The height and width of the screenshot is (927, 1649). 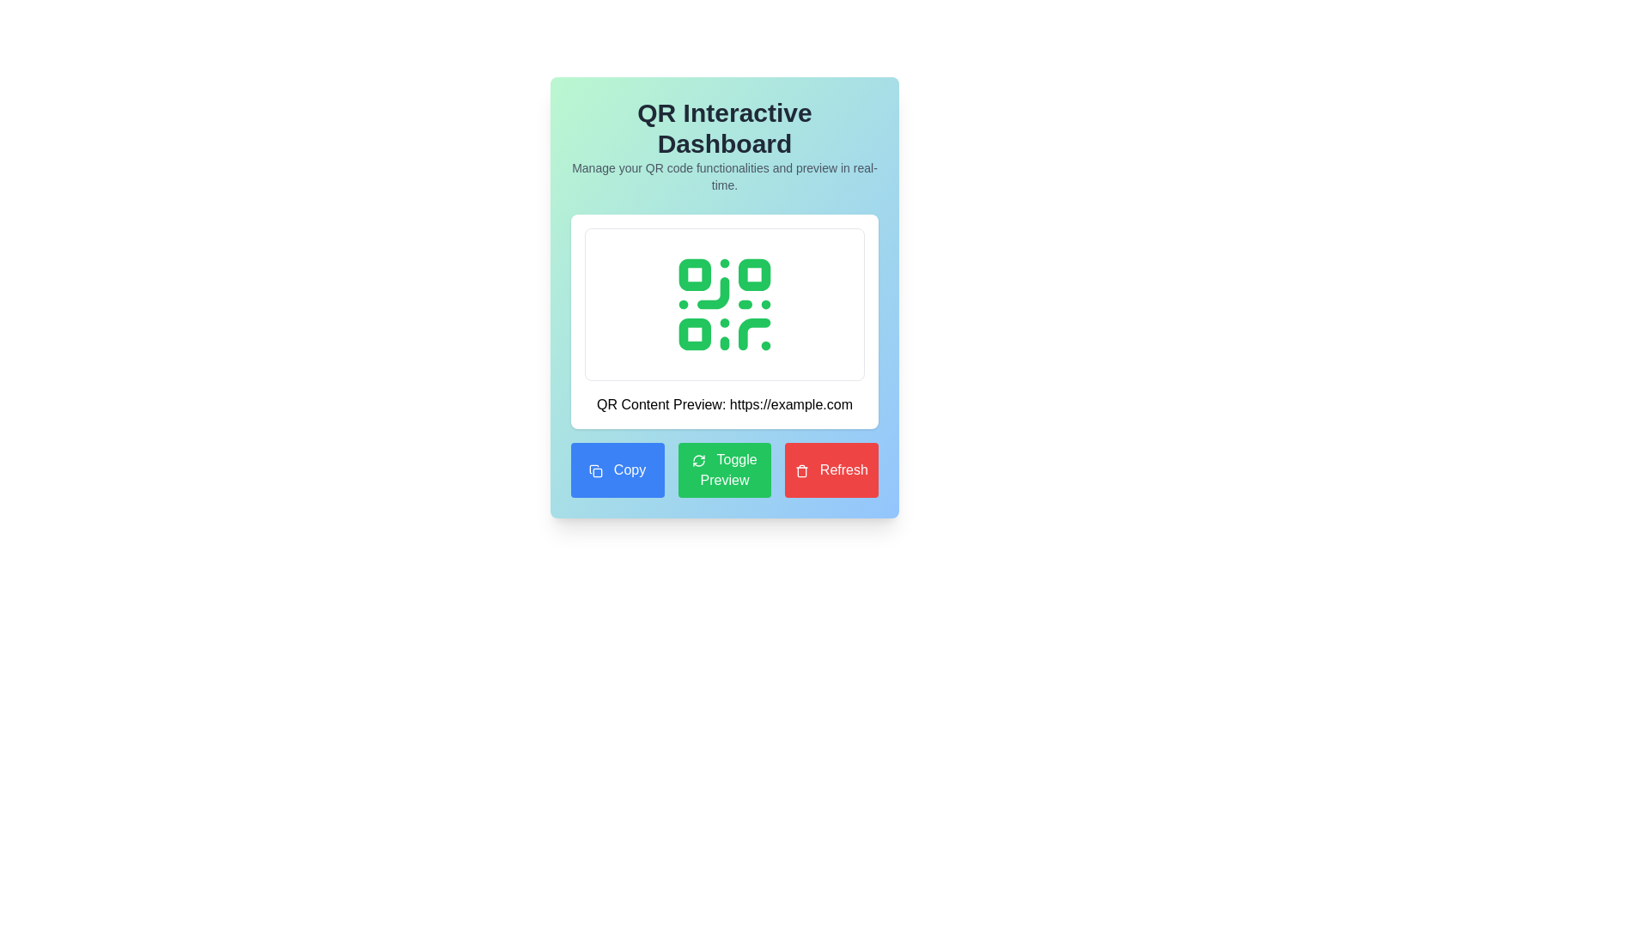 What do you see at coordinates (725, 144) in the screenshot?
I see `the 'QR Interactive Dashboard' text display, which features bold, large text and smaller secondary text, located prominently at the top of a card layout` at bounding box center [725, 144].